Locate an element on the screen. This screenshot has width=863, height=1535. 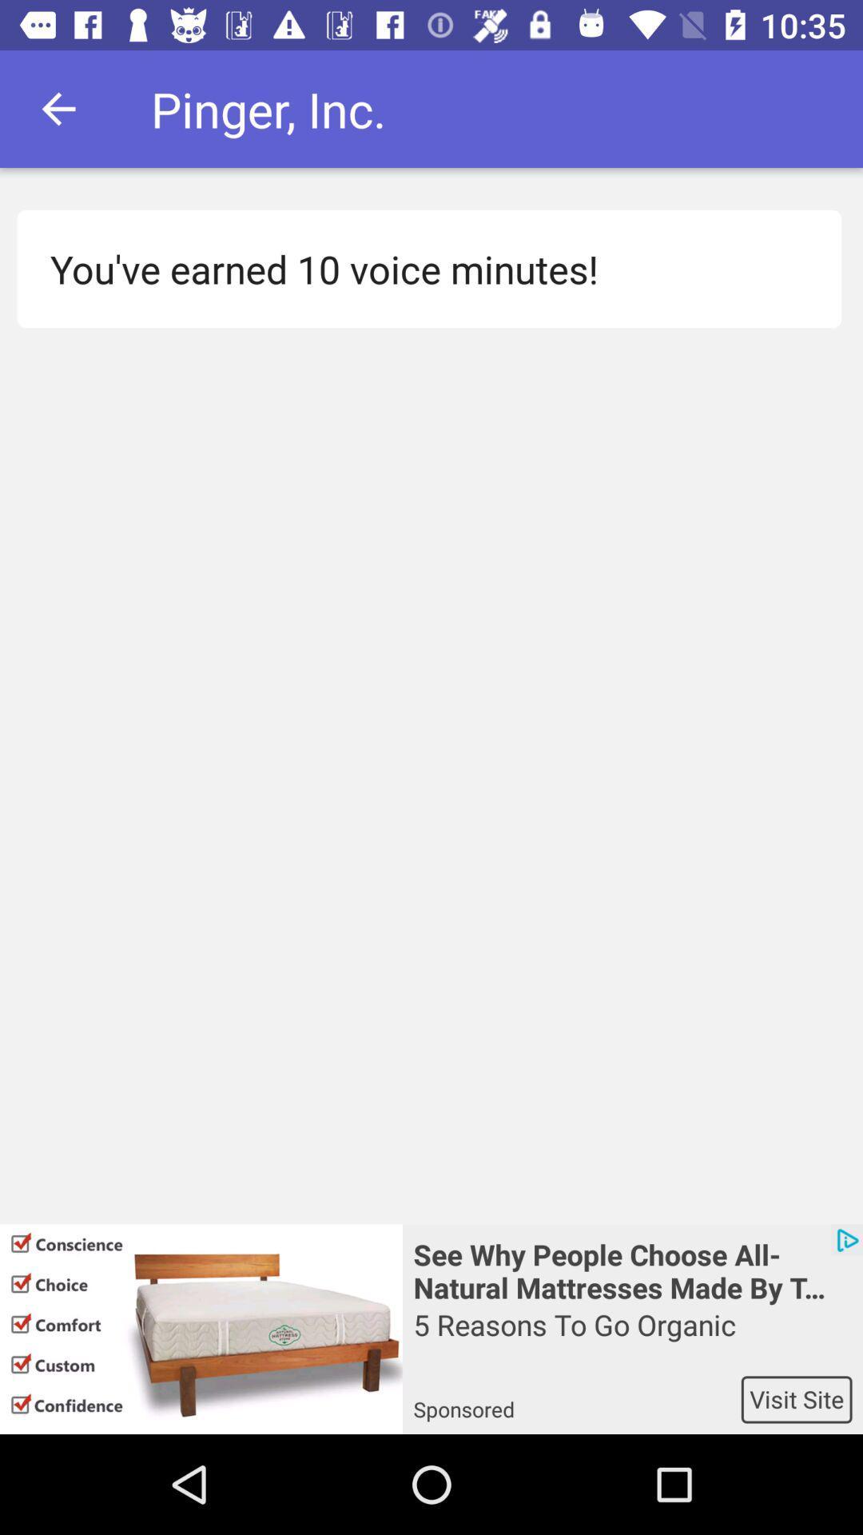
the item below the 5 reasons to item is located at coordinates (577, 1398).